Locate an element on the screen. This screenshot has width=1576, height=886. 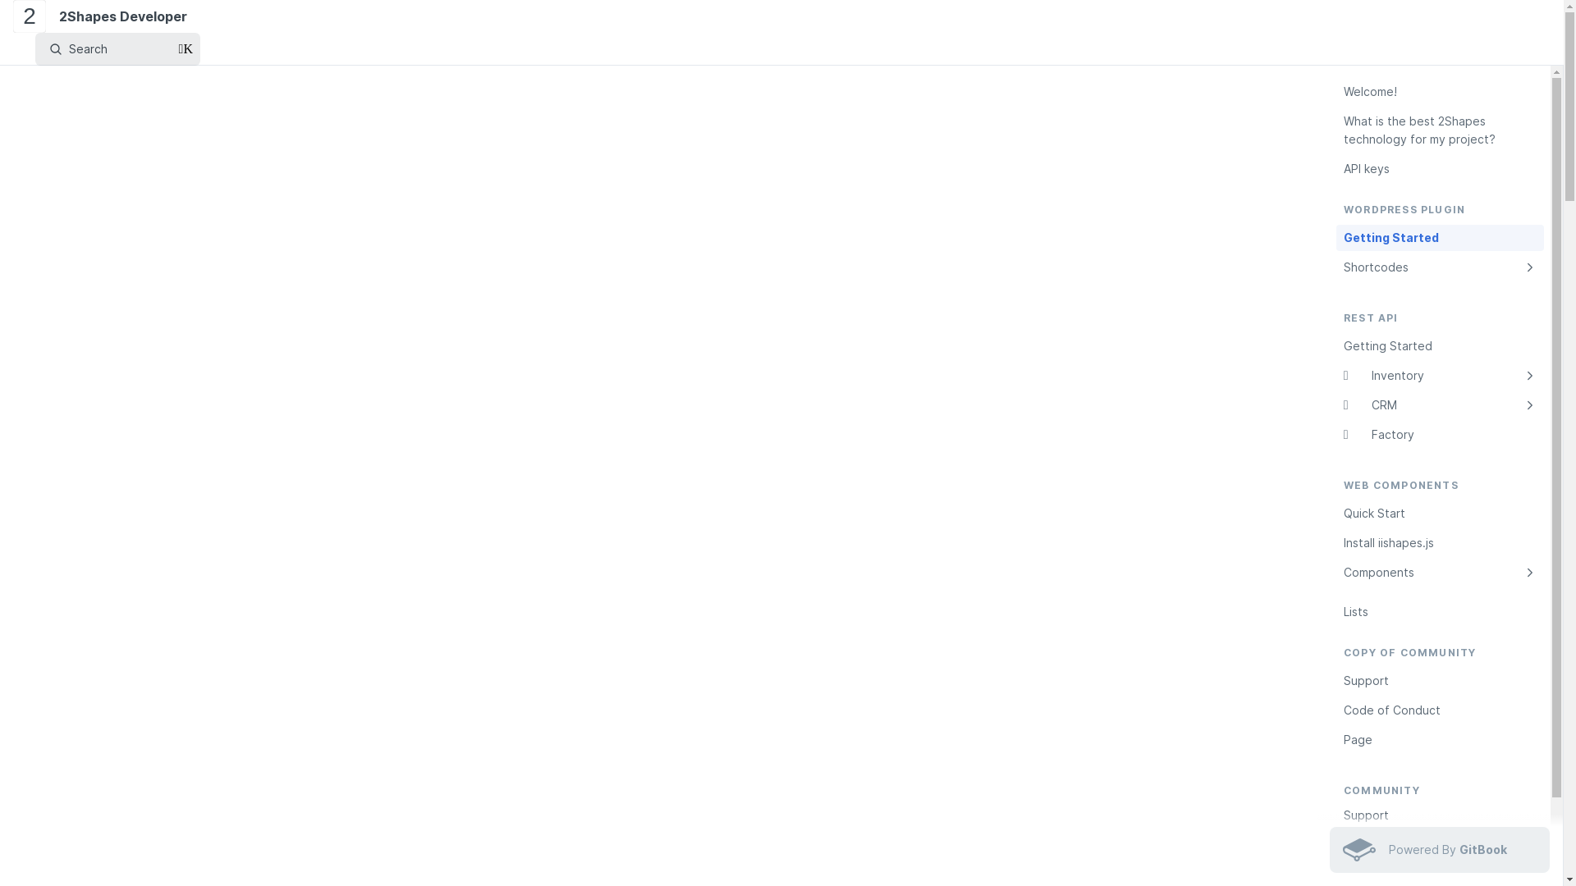
'Welcome!' is located at coordinates (1439, 91).